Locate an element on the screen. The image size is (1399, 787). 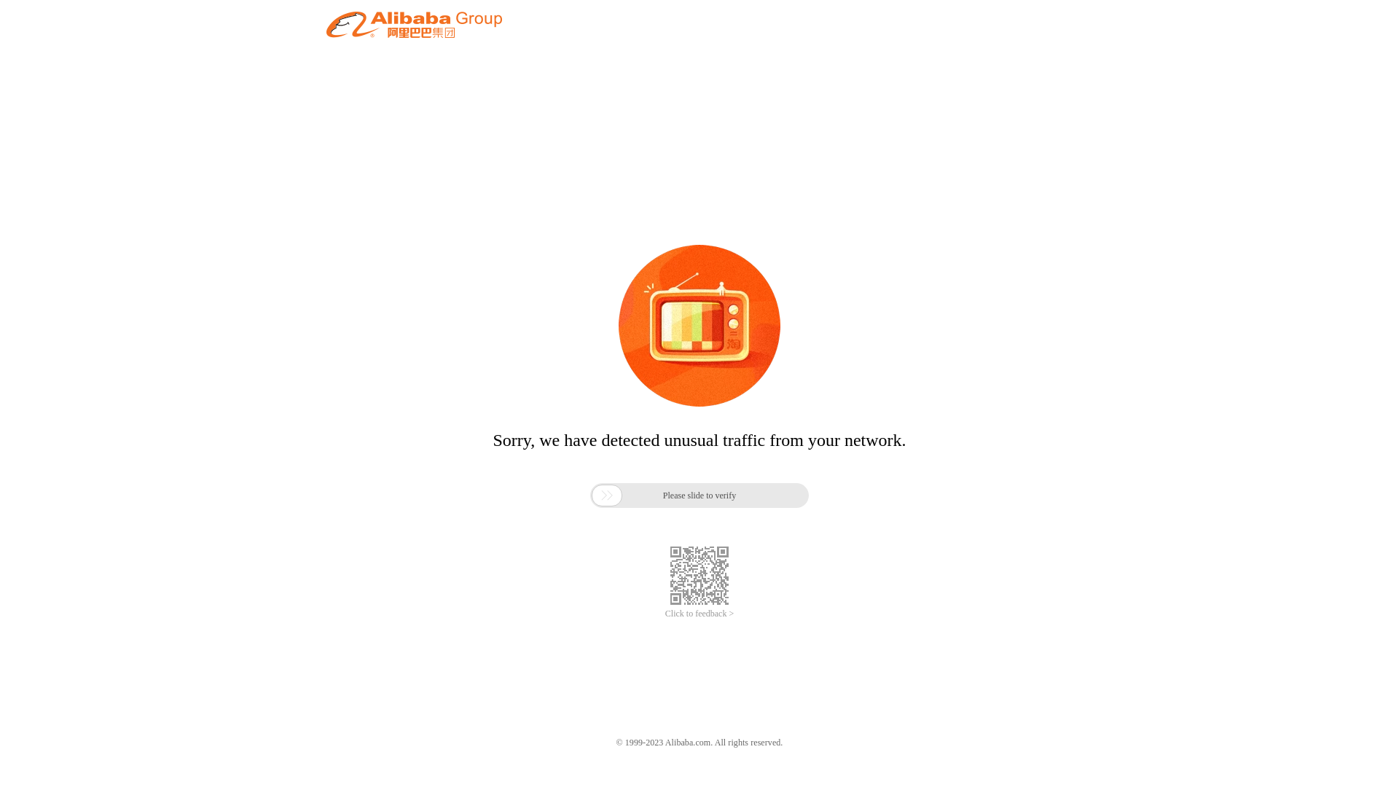
'Click to feedback >' is located at coordinates (699, 614).